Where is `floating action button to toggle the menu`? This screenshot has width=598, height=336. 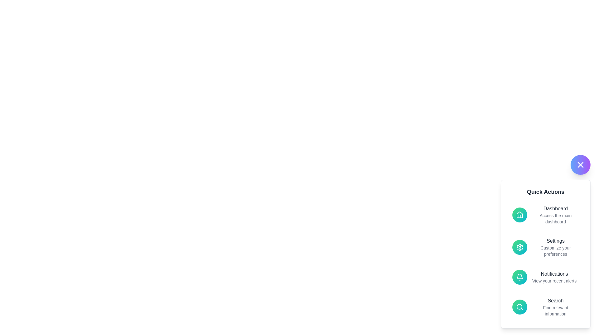 floating action button to toggle the menu is located at coordinates (580, 164).